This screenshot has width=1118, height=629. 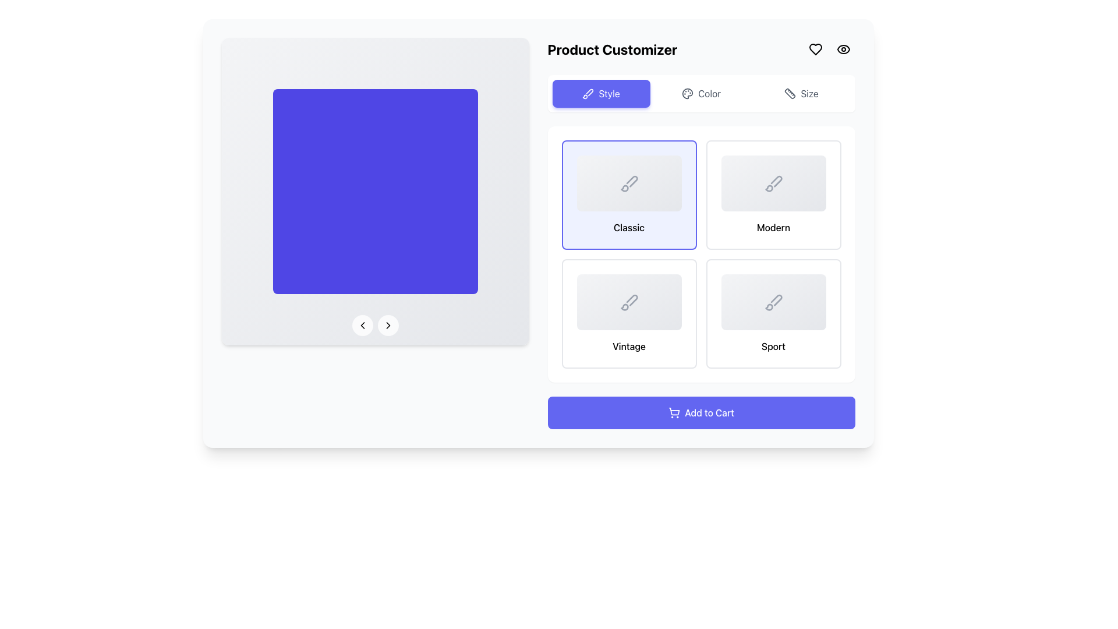 What do you see at coordinates (628, 345) in the screenshot?
I see `text displayed in the bold label that says 'Vintage', located below the icon in the second element of the bottom row of the grid section` at bounding box center [628, 345].